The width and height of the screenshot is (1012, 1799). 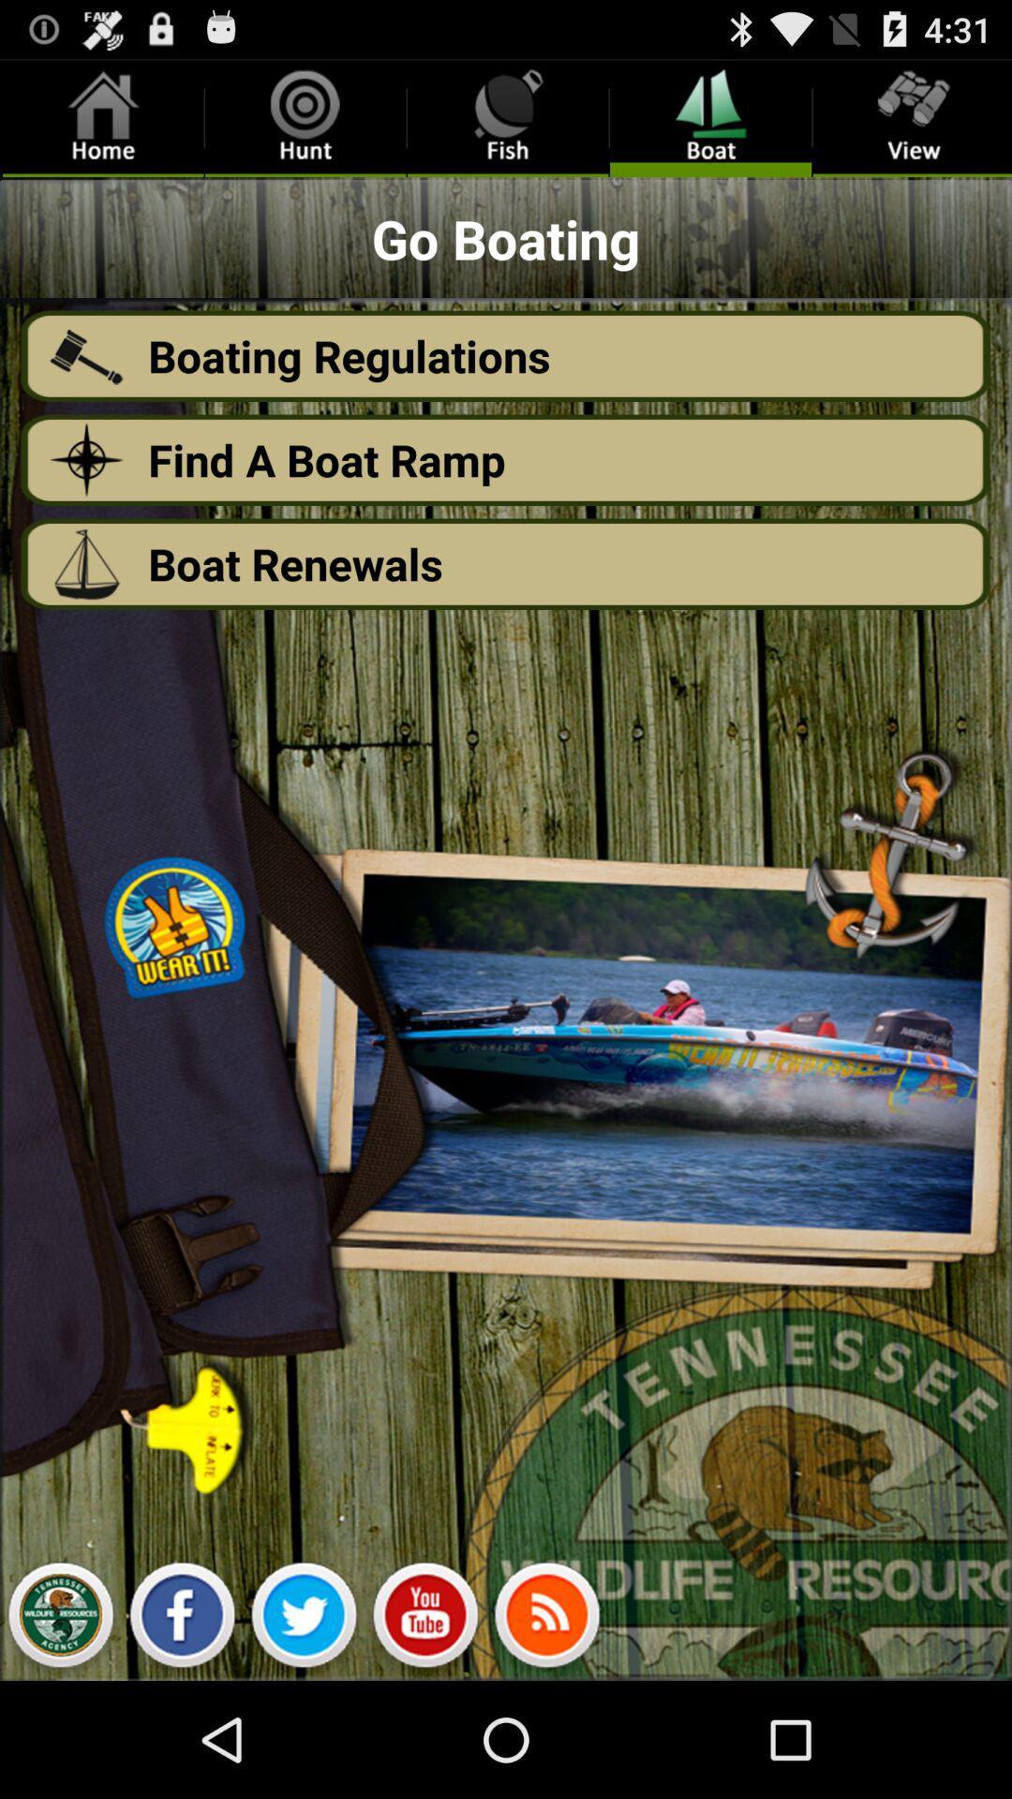 What do you see at coordinates (546, 1619) in the screenshot?
I see `connect wifi` at bounding box center [546, 1619].